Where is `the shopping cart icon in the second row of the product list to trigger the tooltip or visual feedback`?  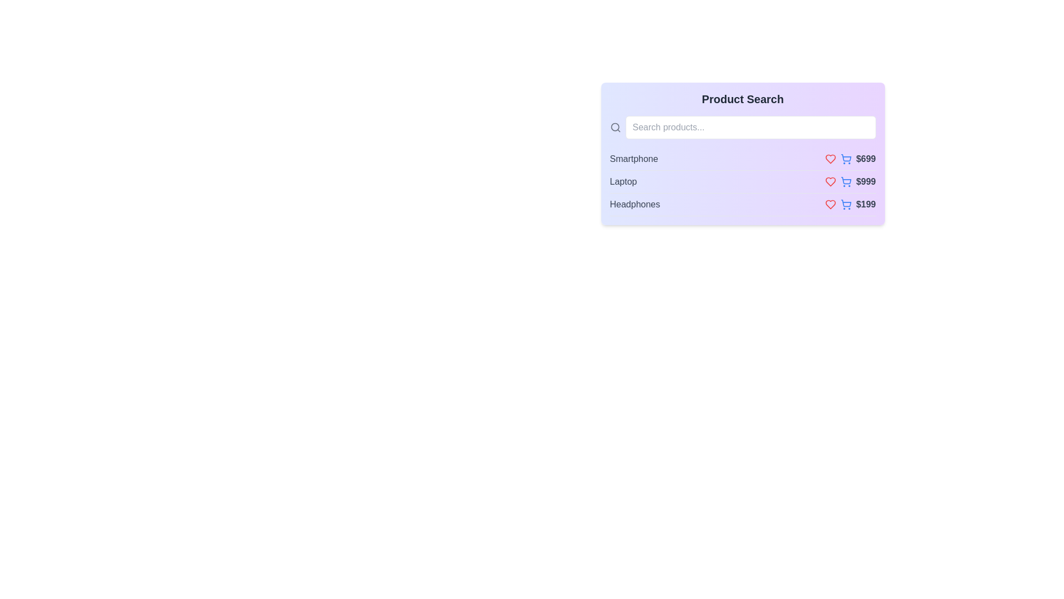
the shopping cart icon in the second row of the product list to trigger the tooltip or visual feedback is located at coordinates (845, 181).